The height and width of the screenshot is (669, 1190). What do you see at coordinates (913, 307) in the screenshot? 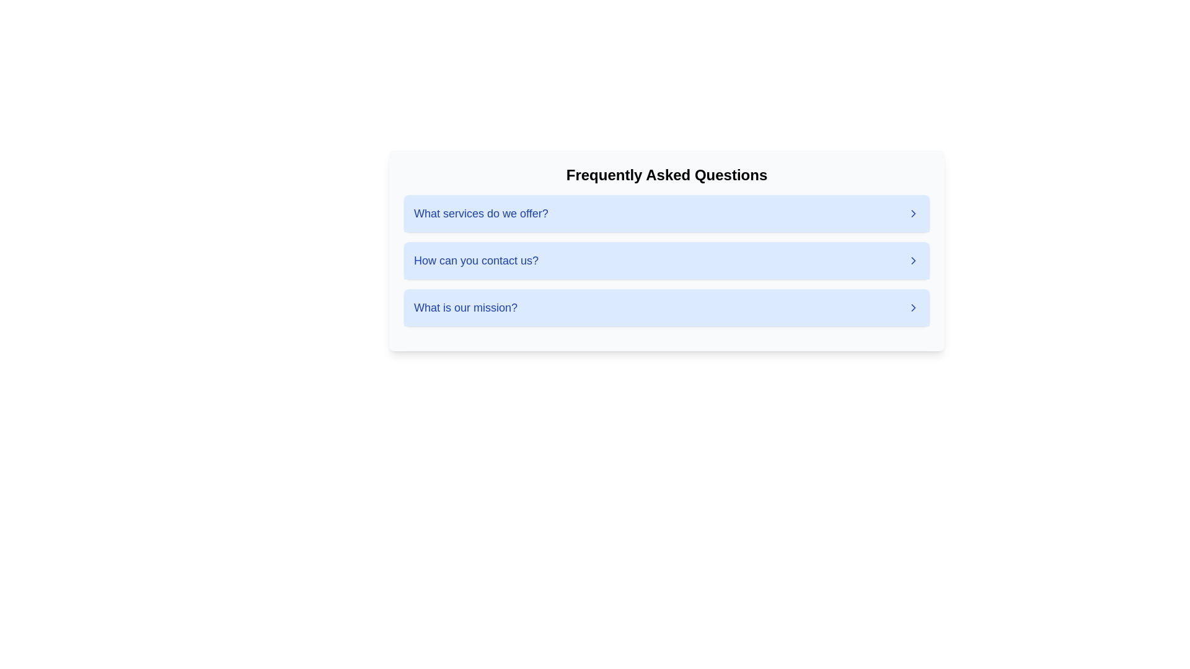
I see `the chevron icon located at the right end of the third row labeled 'What is our mission?'` at bounding box center [913, 307].